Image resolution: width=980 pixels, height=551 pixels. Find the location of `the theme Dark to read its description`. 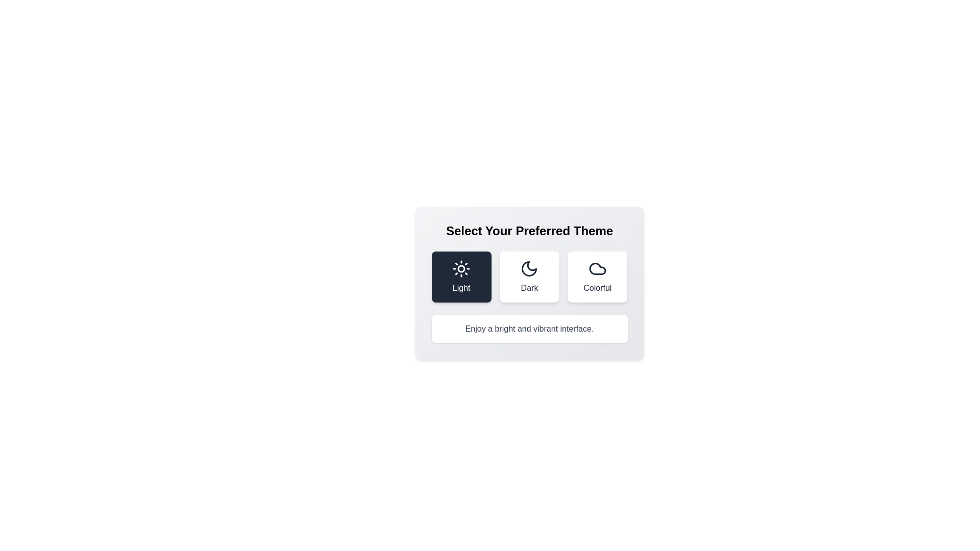

the theme Dark to read its description is located at coordinates (529, 277).